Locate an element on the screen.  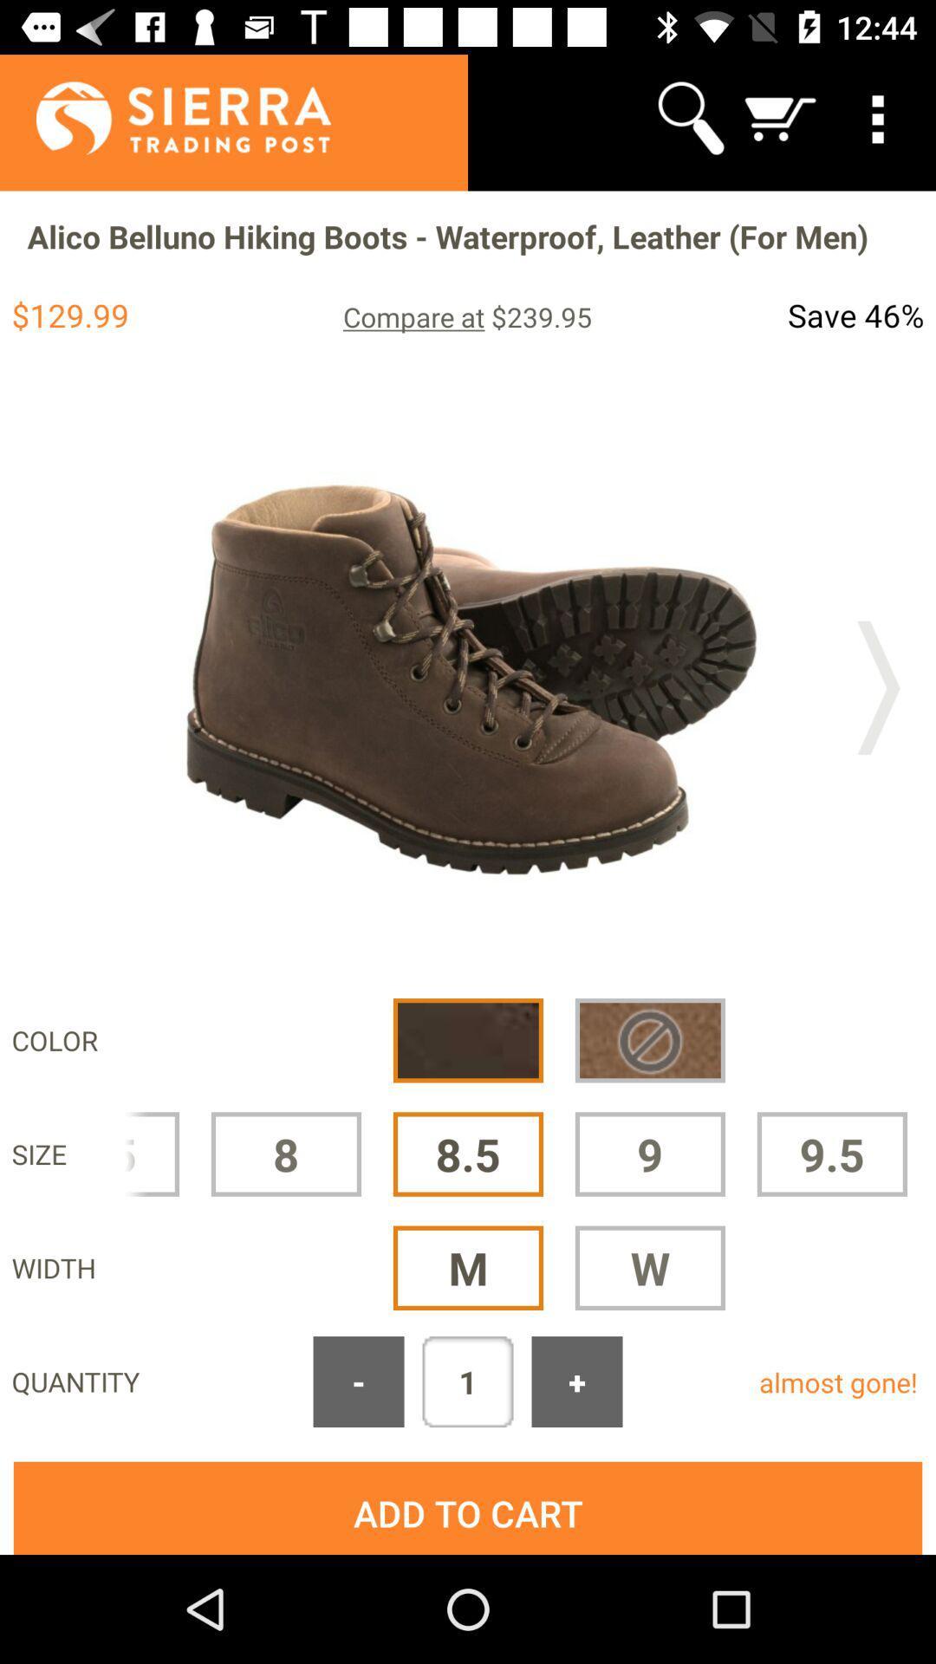
item to the left of save 46% is located at coordinates (466, 316).